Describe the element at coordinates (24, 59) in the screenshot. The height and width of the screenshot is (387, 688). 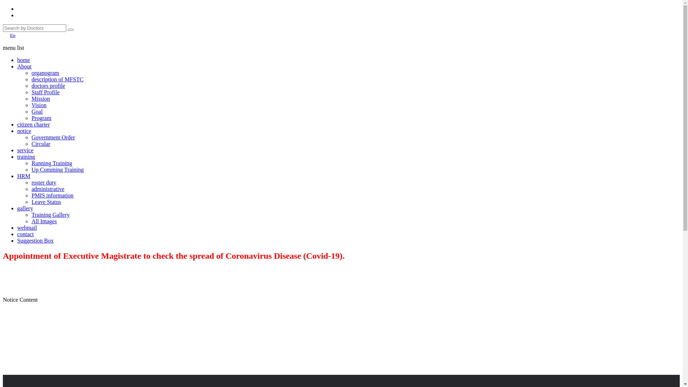
I see `'home'` at that location.